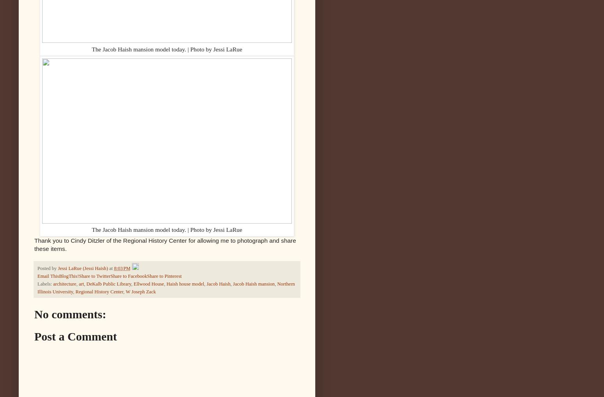 Image resolution: width=604 pixels, height=397 pixels. Describe the element at coordinates (75, 335) in the screenshot. I see `'Post a Comment'` at that location.